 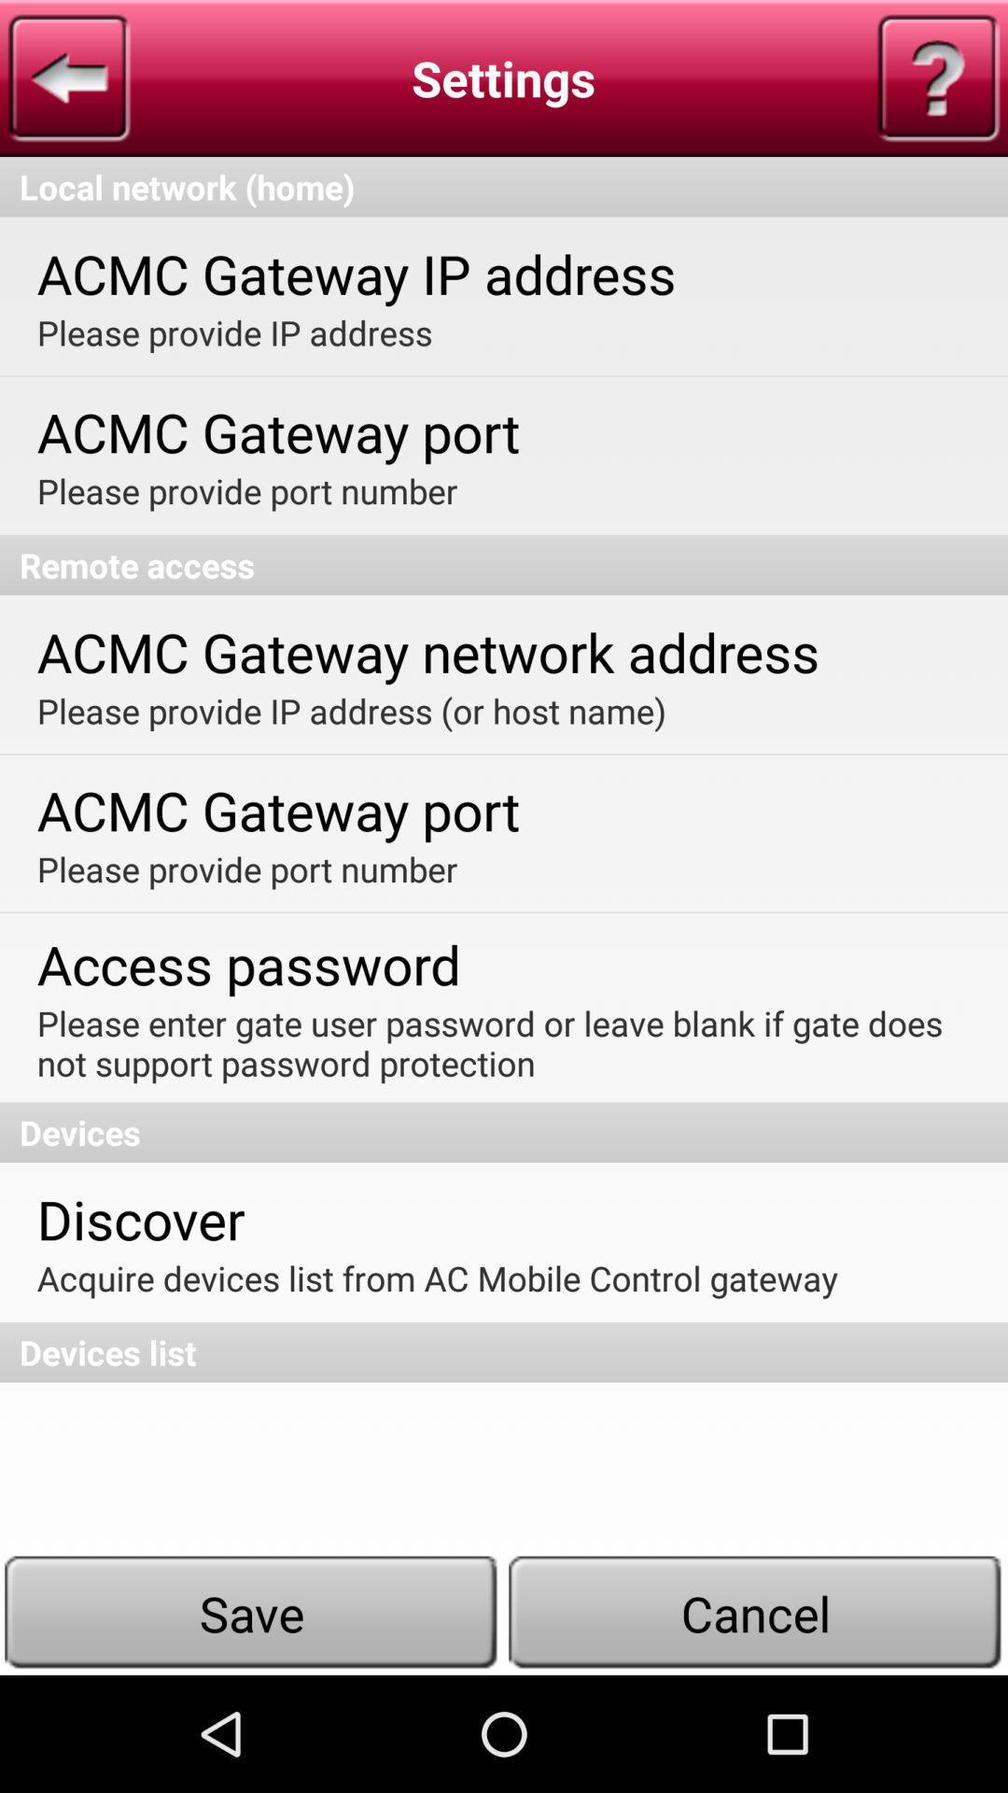 What do you see at coordinates (756, 1612) in the screenshot?
I see `item to the right of save` at bounding box center [756, 1612].